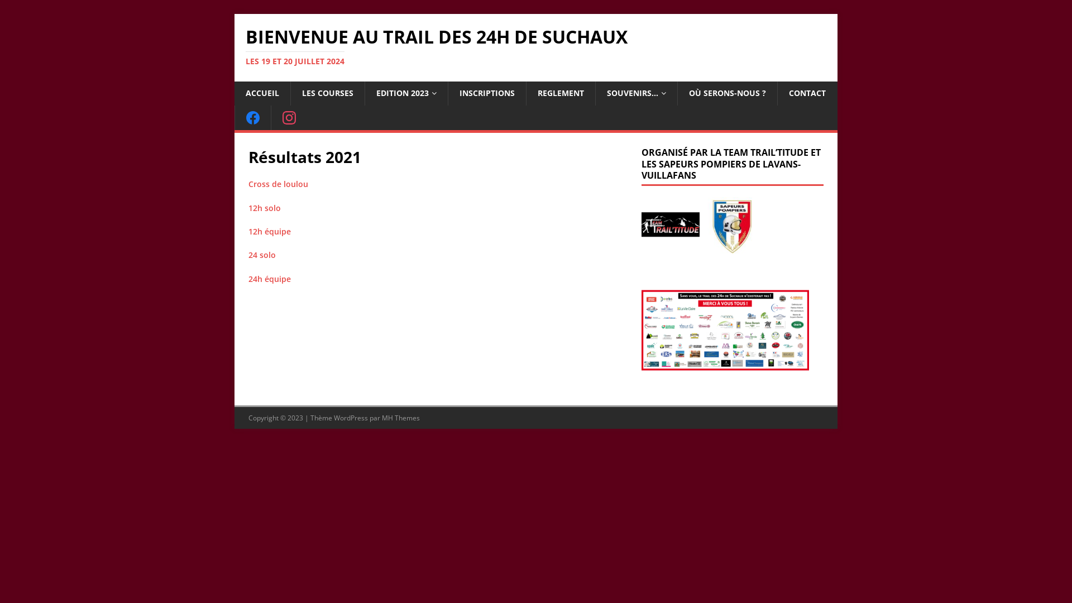  What do you see at coordinates (560, 92) in the screenshot?
I see `'REGLEMENT'` at bounding box center [560, 92].